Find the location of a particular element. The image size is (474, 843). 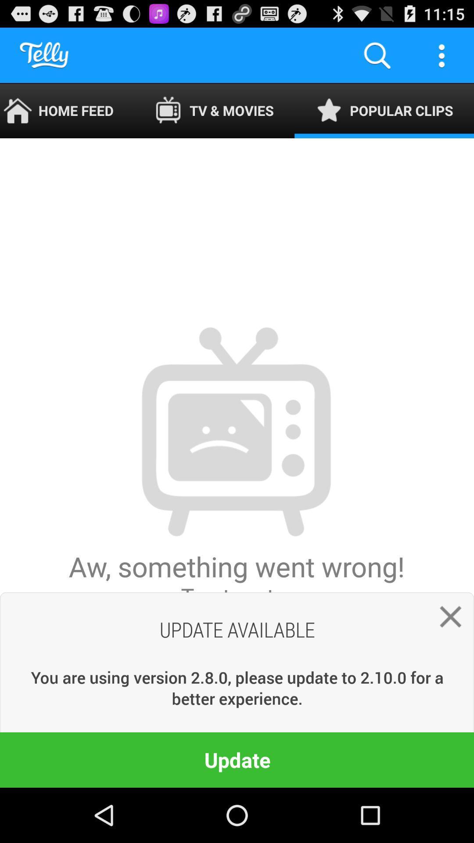

the aw something went icon is located at coordinates (236, 462).